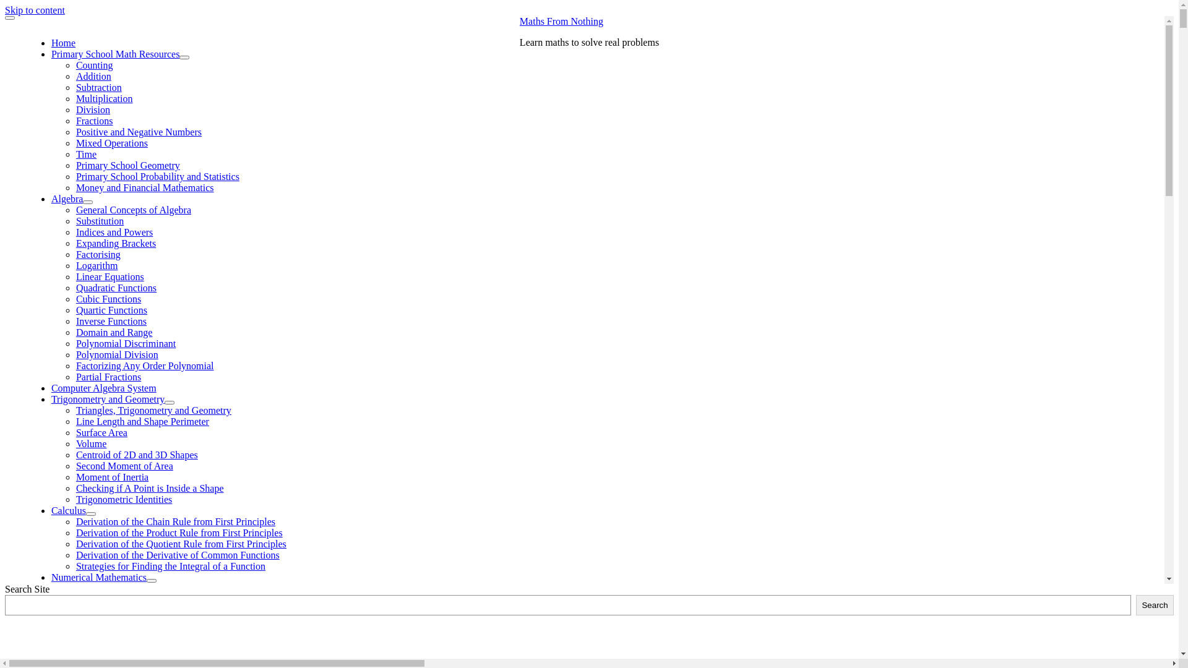  I want to click on 'Moment of Inertia', so click(112, 476).